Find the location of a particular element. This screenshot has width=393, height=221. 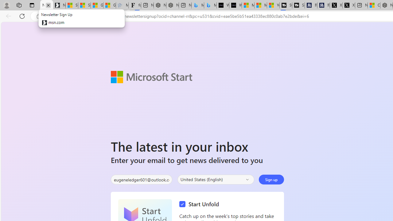

'Start Unfold' is located at coordinates (200, 204).